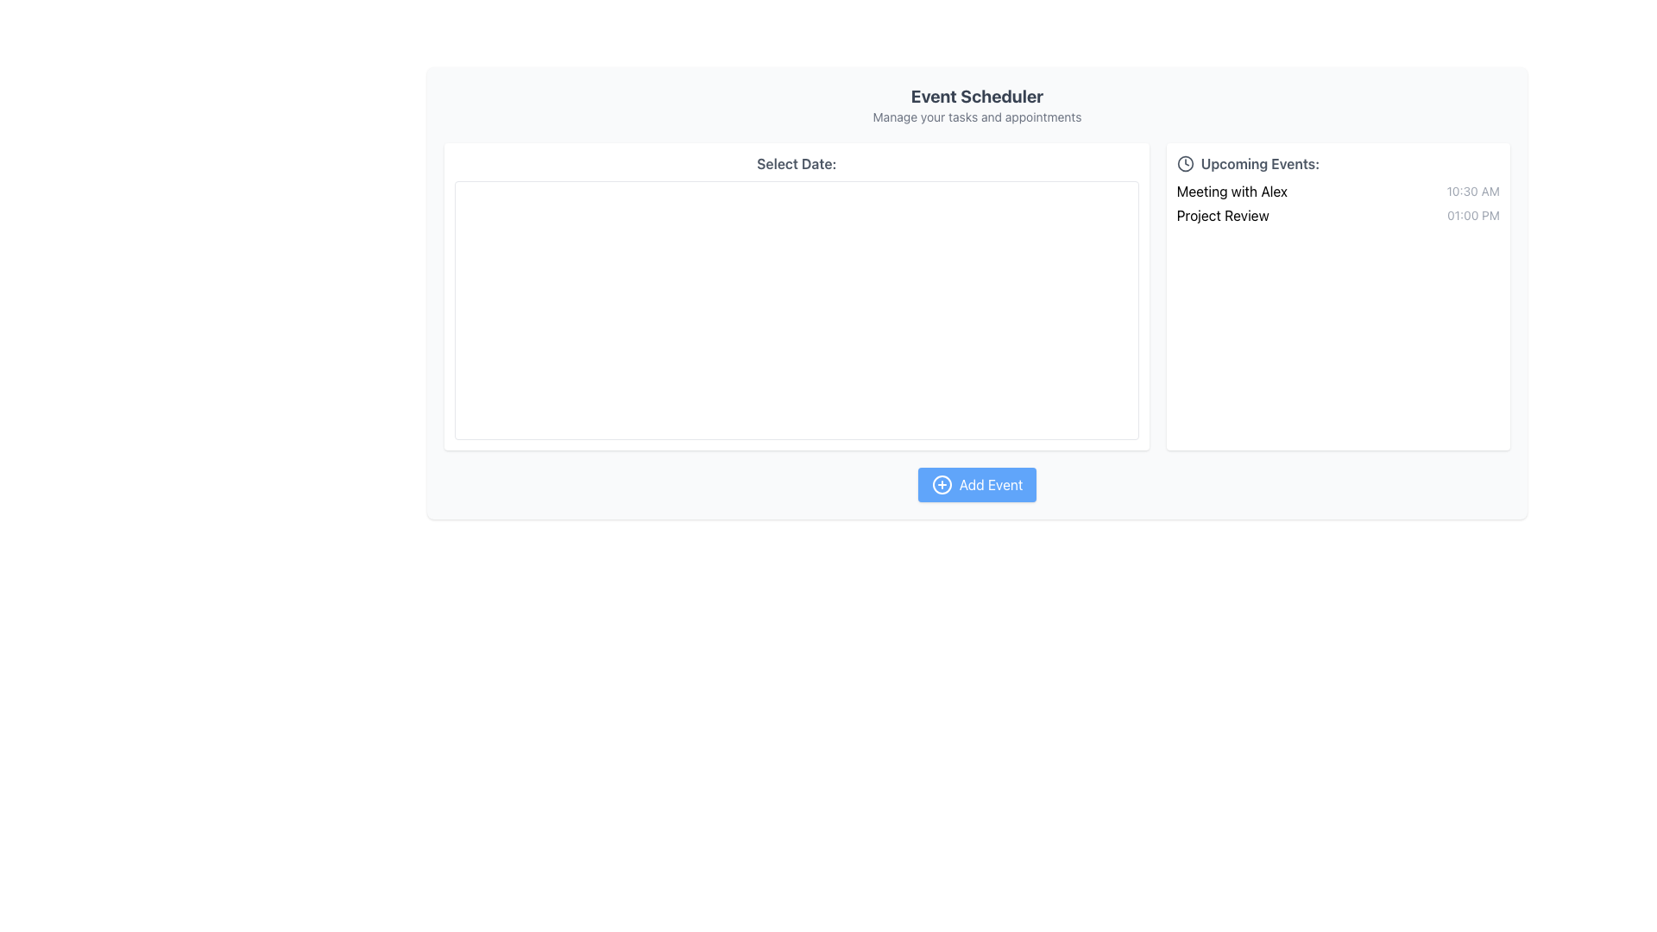  I want to click on the second list item in the 'Upcoming Events' panel, which displays the event name 'Project Review' and the time '01:00 PM', so click(1337, 215).